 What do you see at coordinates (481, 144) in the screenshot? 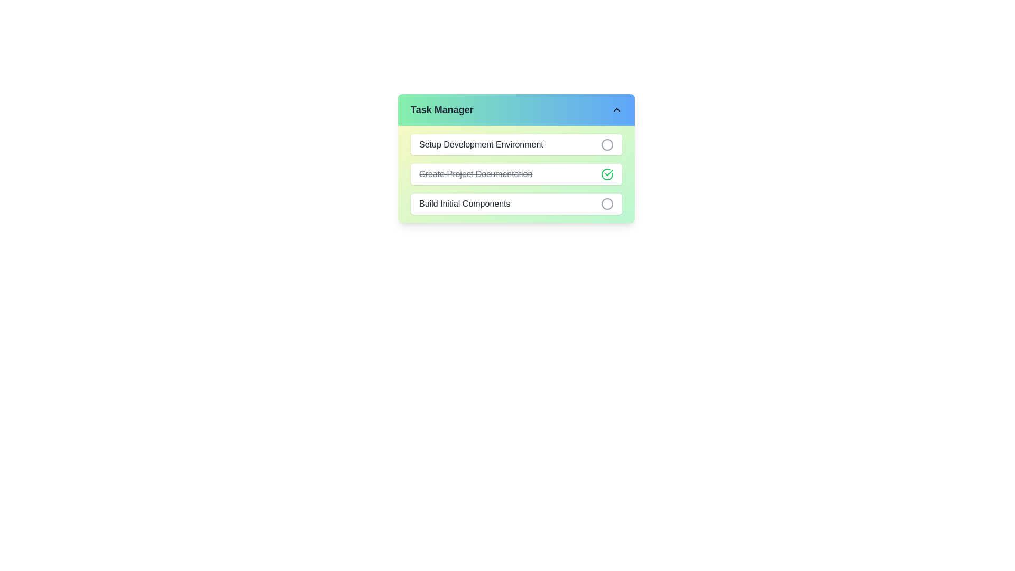
I see `the task name Setup Development Environment to focus or select its text` at bounding box center [481, 144].